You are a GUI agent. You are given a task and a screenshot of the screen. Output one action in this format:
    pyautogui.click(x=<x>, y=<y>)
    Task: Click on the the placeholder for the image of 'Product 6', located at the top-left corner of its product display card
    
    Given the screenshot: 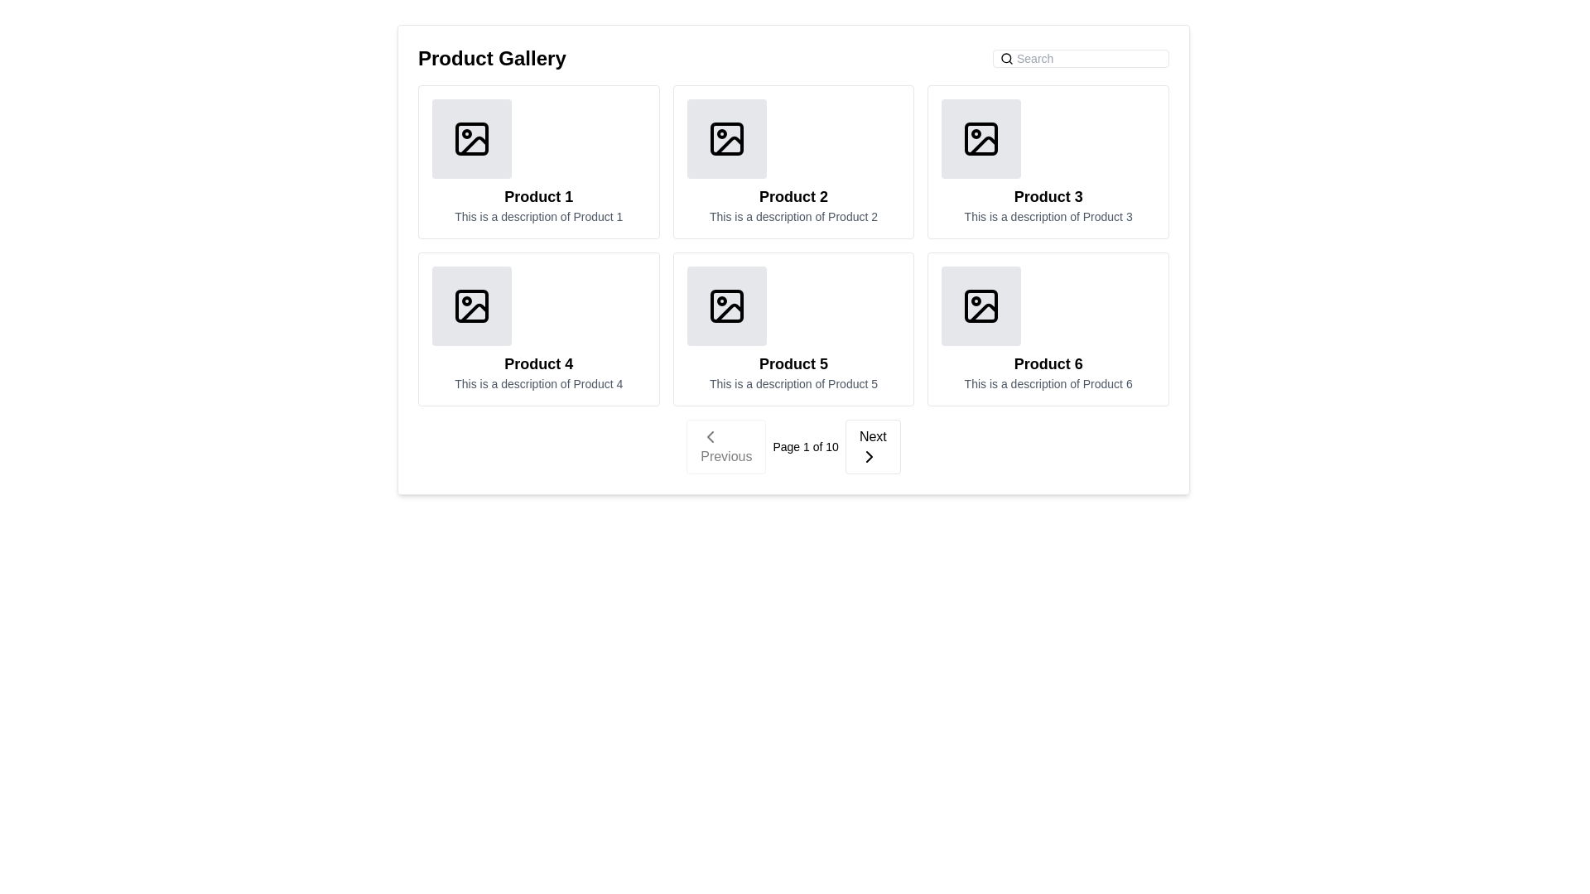 What is the action you would take?
    pyautogui.click(x=981, y=306)
    